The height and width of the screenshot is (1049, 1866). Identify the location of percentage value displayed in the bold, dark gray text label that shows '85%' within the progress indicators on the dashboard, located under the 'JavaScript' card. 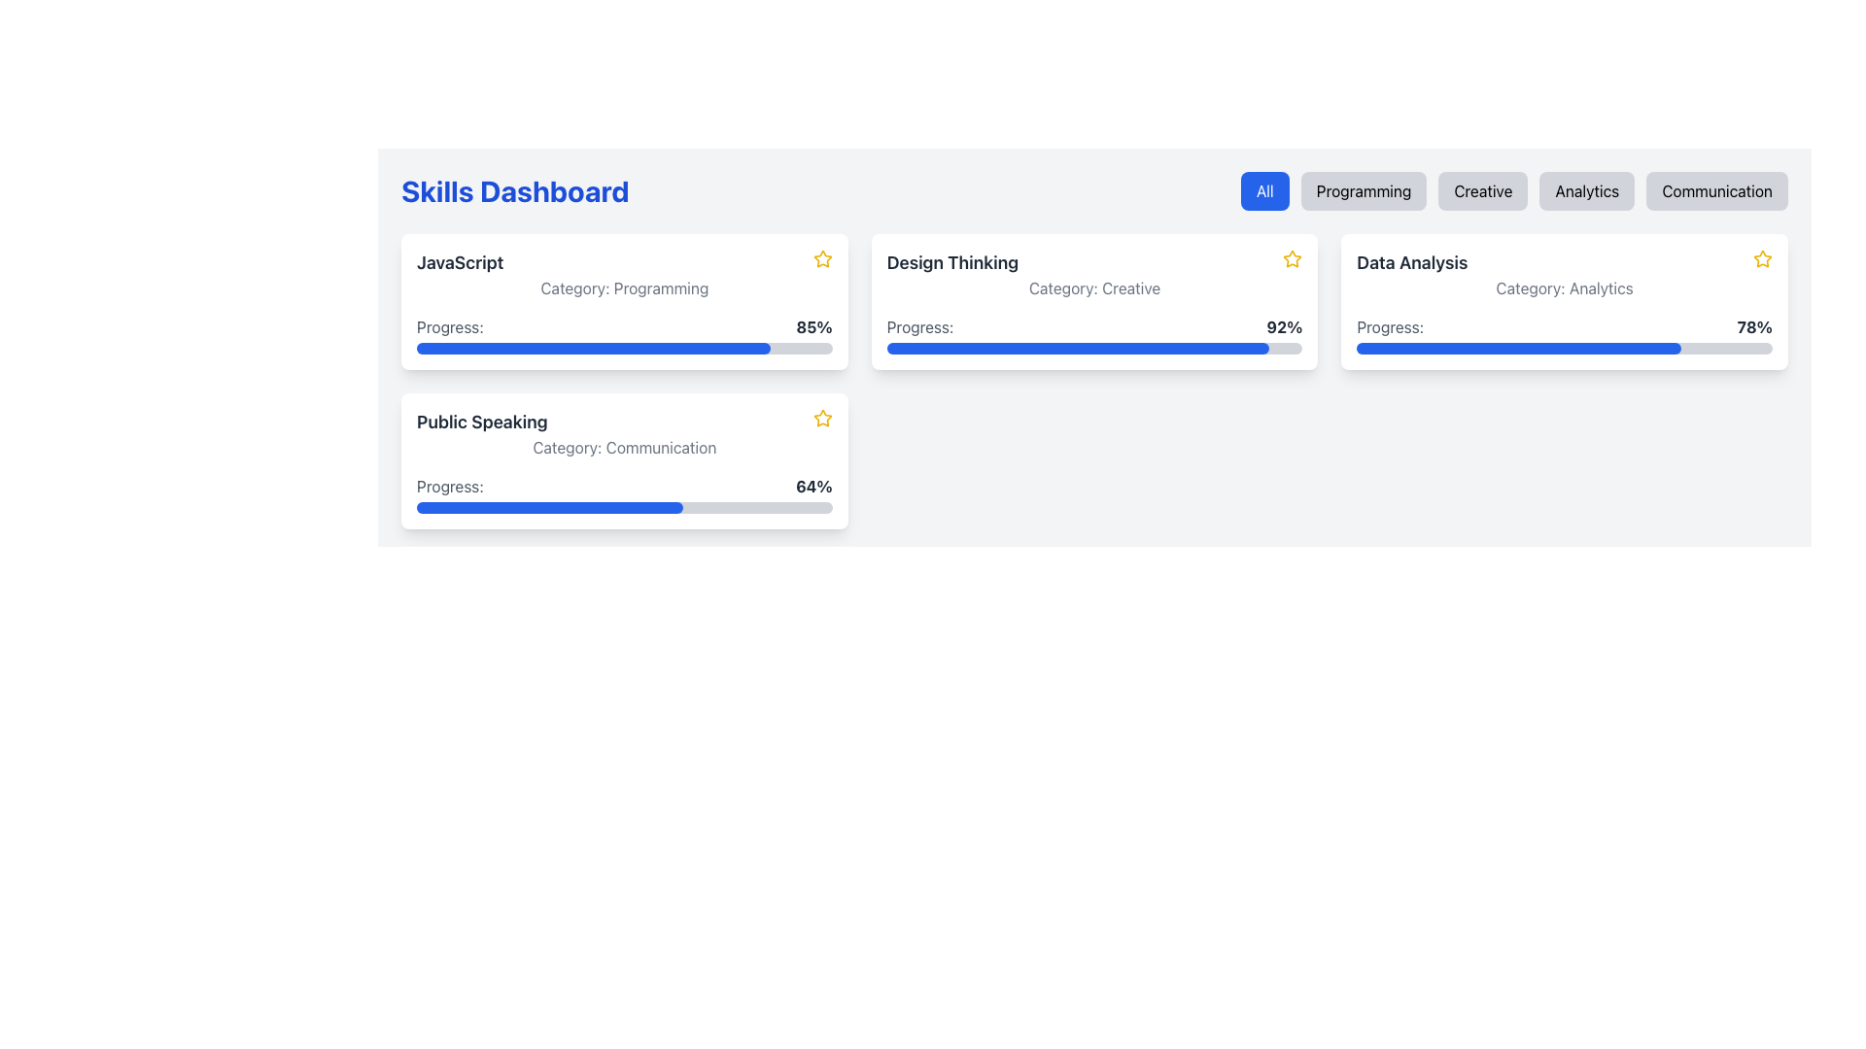
(813, 325).